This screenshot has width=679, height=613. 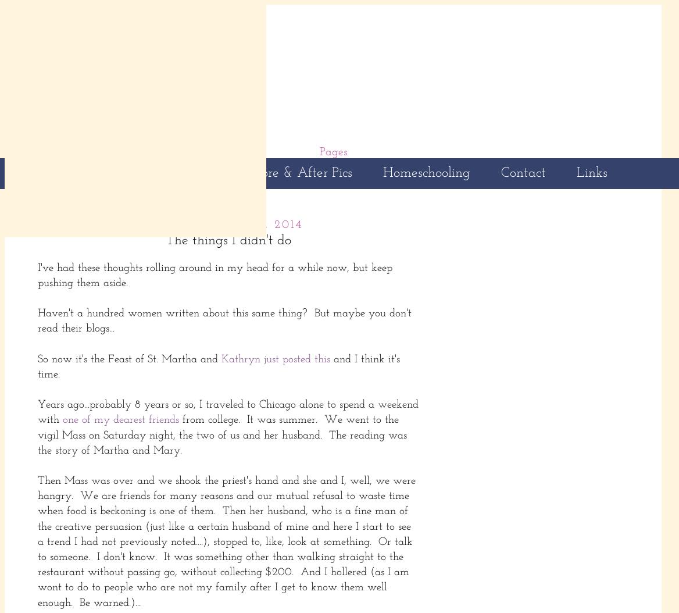 What do you see at coordinates (591, 172) in the screenshot?
I see `'Links'` at bounding box center [591, 172].